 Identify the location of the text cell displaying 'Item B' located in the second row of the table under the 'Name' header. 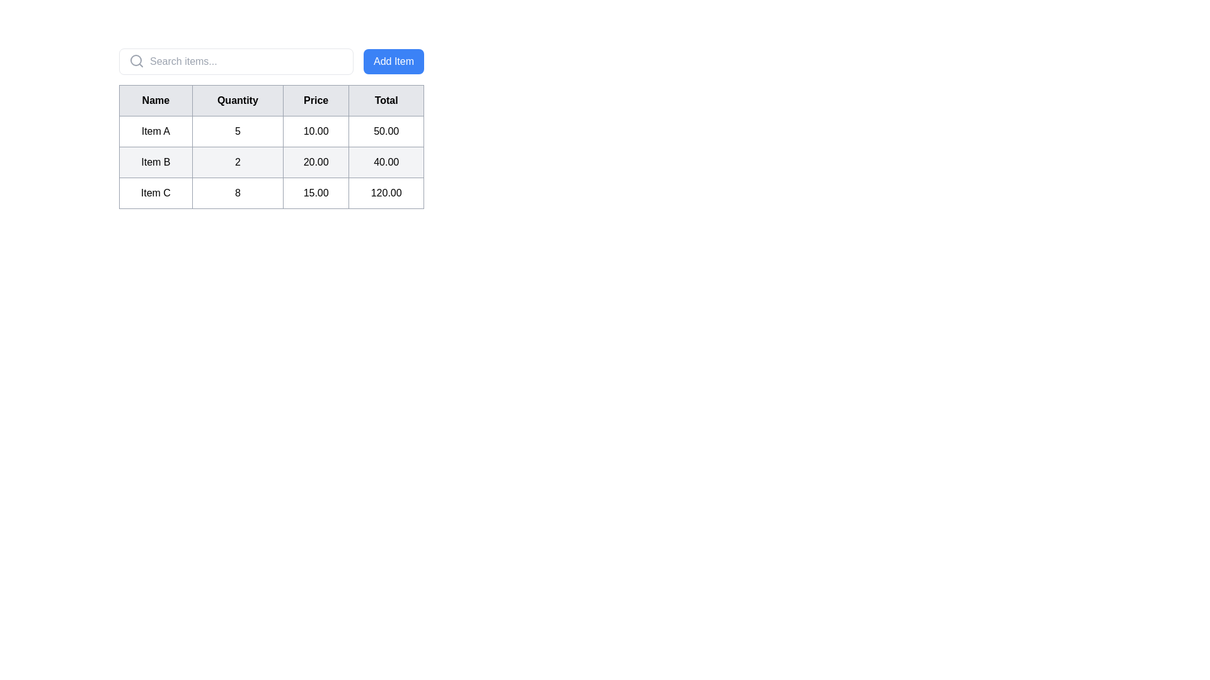
(155, 162).